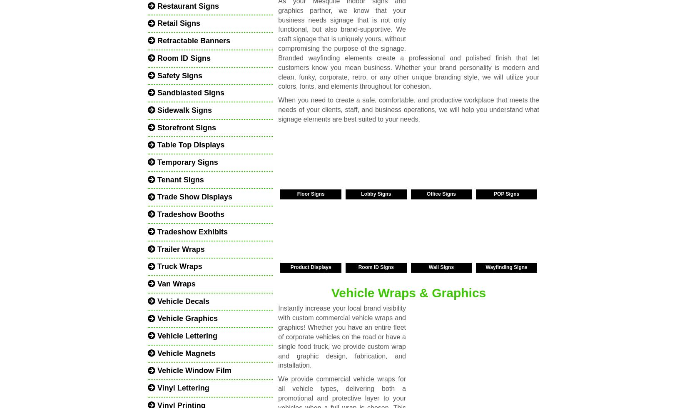 Image resolution: width=687 pixels, height=408 pixels. Describe the element at coordinates (186, 336) in the screenshot. I see `'Vehicle Lettering'` at that location.